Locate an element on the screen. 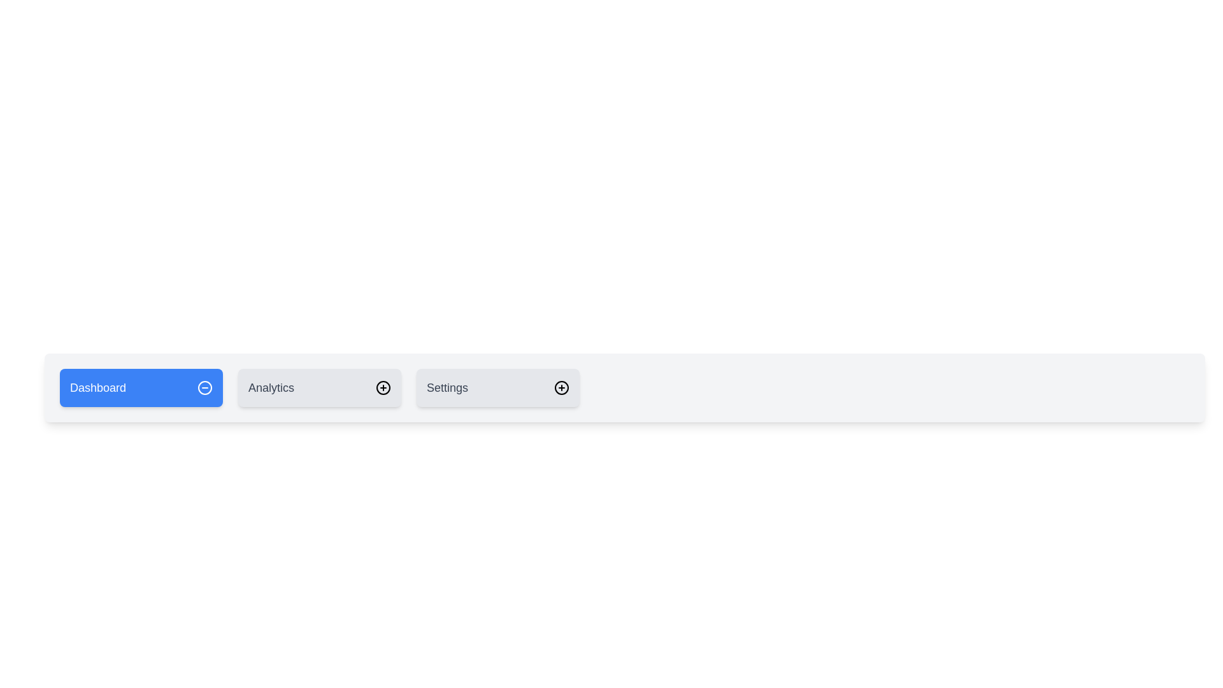 Image resolution: width=1223 pixels, height=688 pixels. the 'Analytics' button located in the second position of a row of three buttons, between the 'Dashboard' and 'Settings' buttons is located at coordinates (320, 387).